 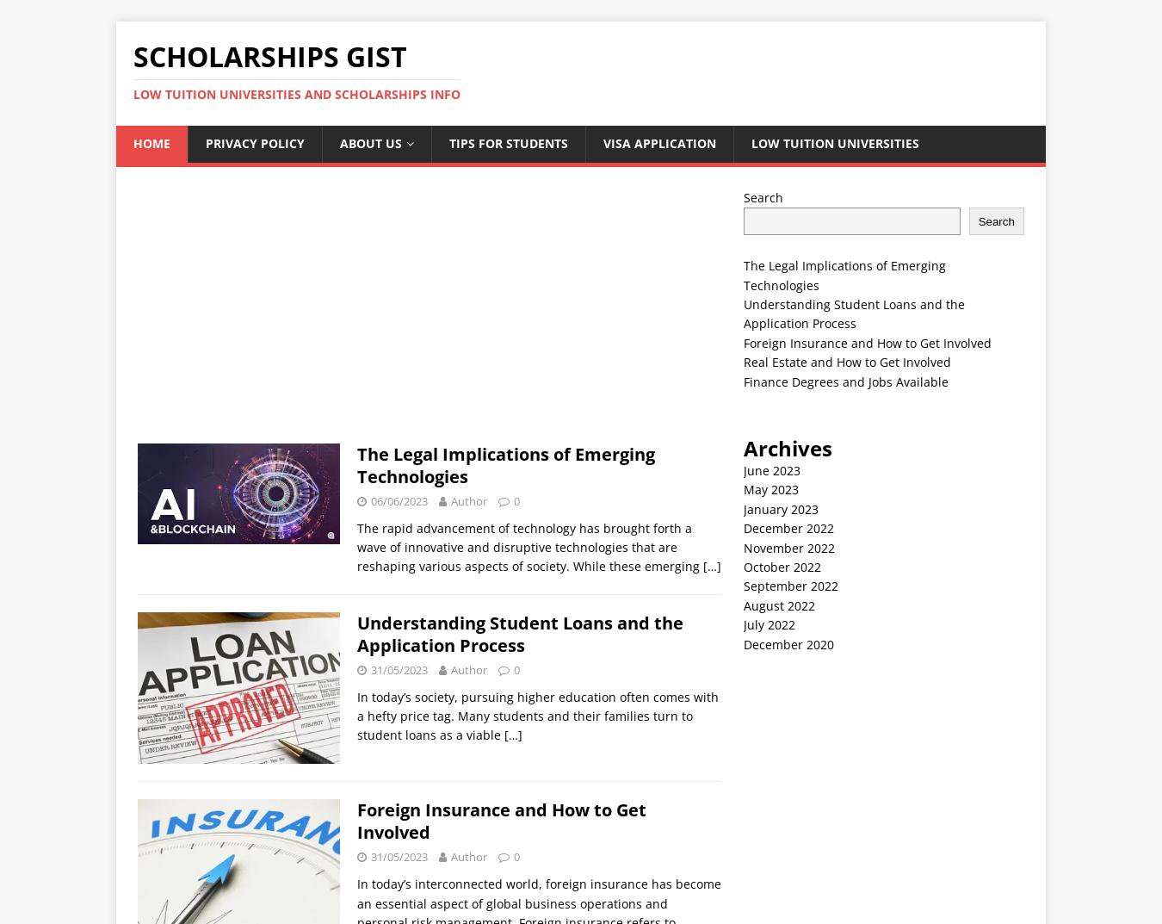 What do you see at coordinates (770, 489) in the screenshot?
I see `'May 2023'` at bounding box center [770, 489].